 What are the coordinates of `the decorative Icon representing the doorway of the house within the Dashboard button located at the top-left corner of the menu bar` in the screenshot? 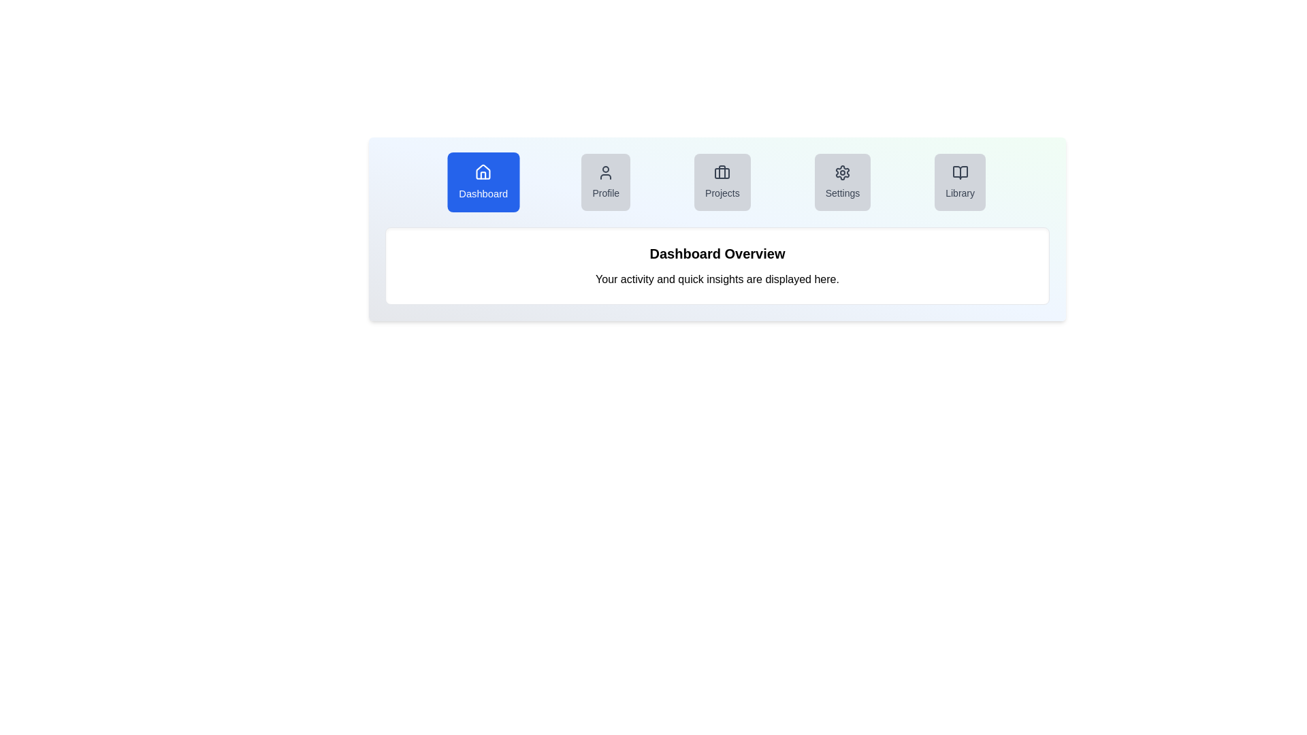 It's located at (483, 175).